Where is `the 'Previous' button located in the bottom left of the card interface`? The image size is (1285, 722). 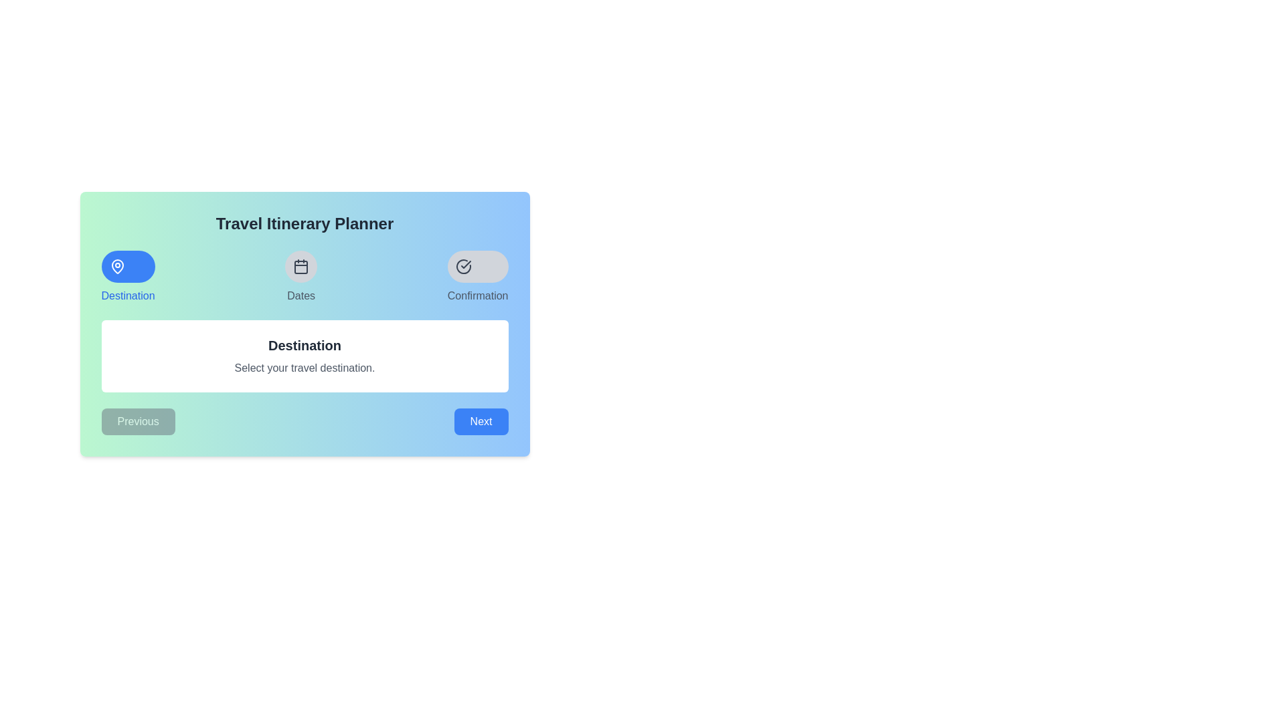 the 'Previous' button located in the bottom left of the card interface is located at coordinates (138, 422).